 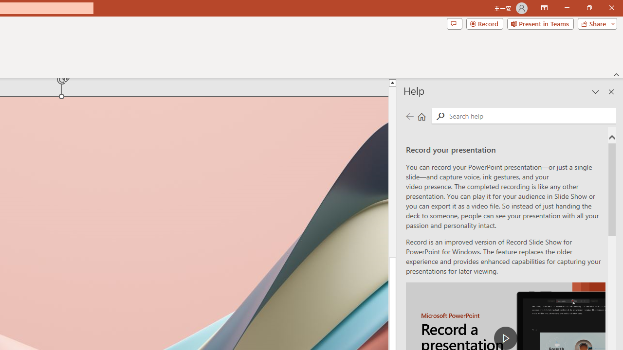 I want to click on 'Home', so click(x=421, y=116).